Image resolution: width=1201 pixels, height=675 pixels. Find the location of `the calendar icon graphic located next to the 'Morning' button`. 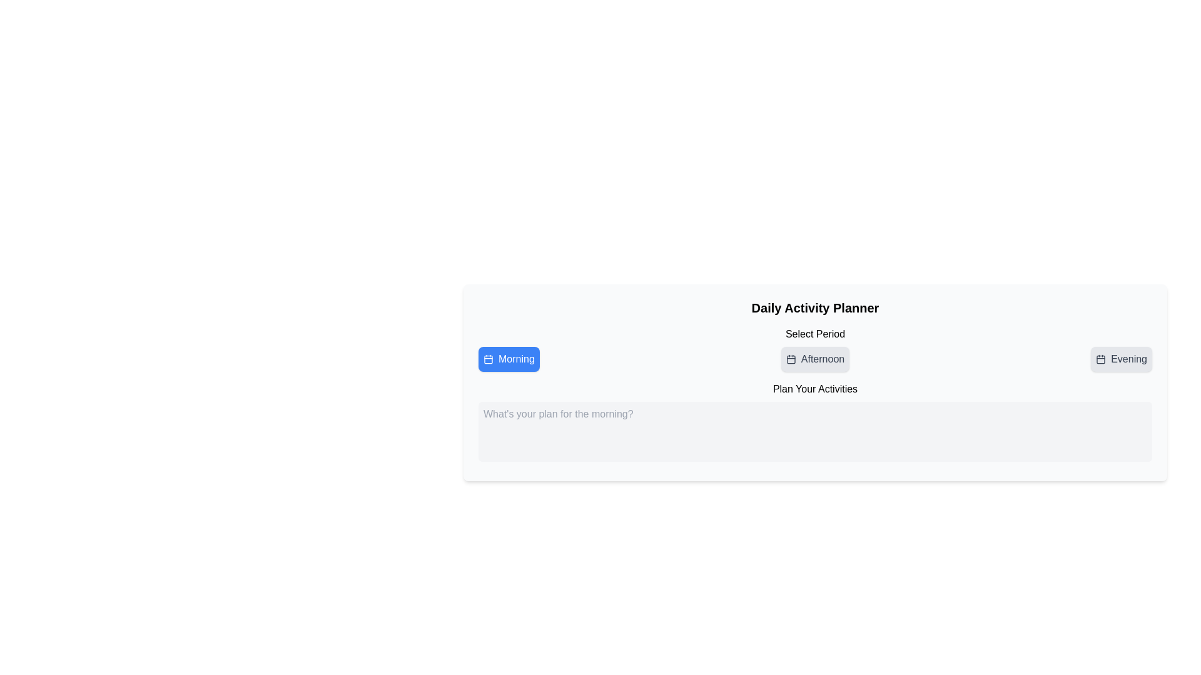

the calendar icon graphic located next to the 'Morning' button is located at coordinates (488, 359).